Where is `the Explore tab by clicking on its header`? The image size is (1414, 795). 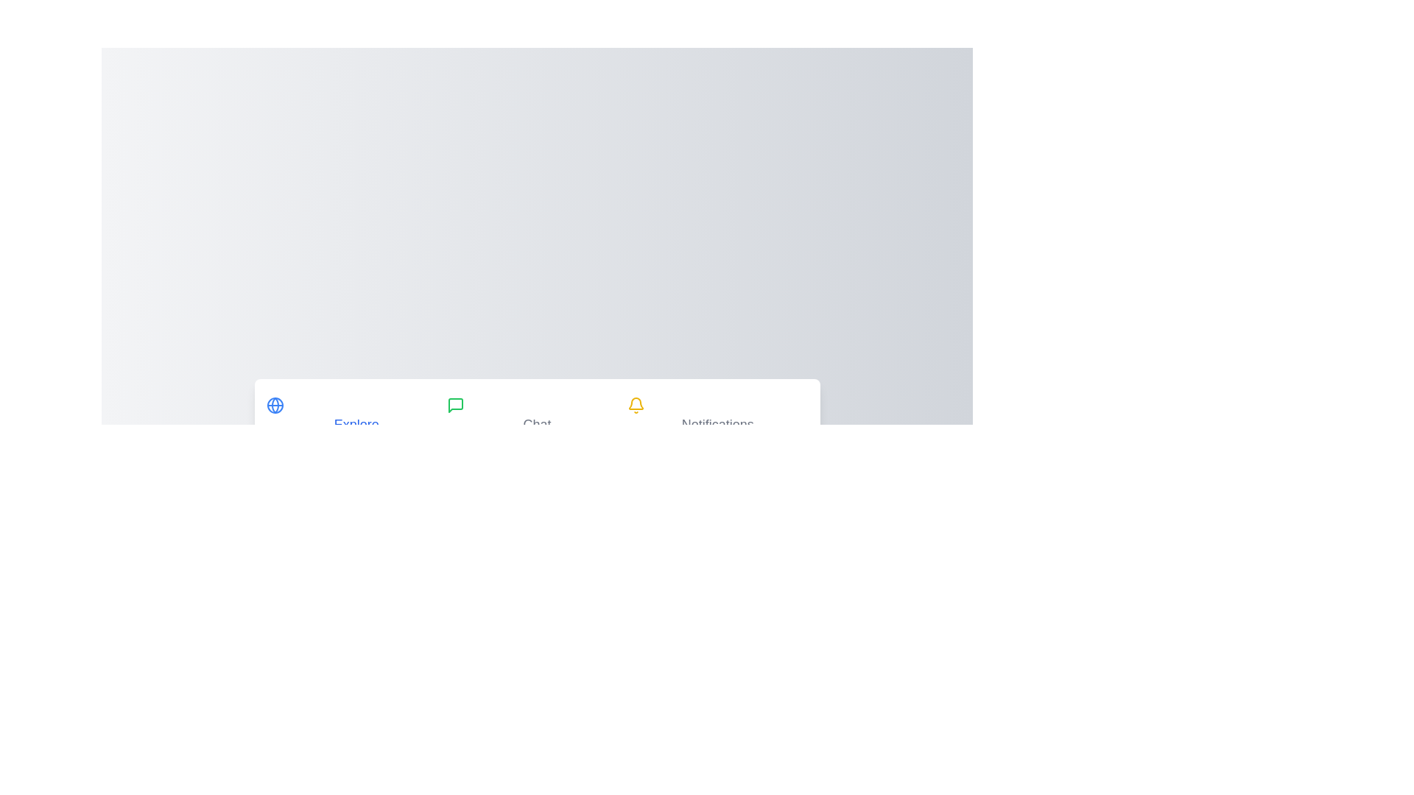
the Explore tab by clicking on its header is located at coordinates (356, 417).